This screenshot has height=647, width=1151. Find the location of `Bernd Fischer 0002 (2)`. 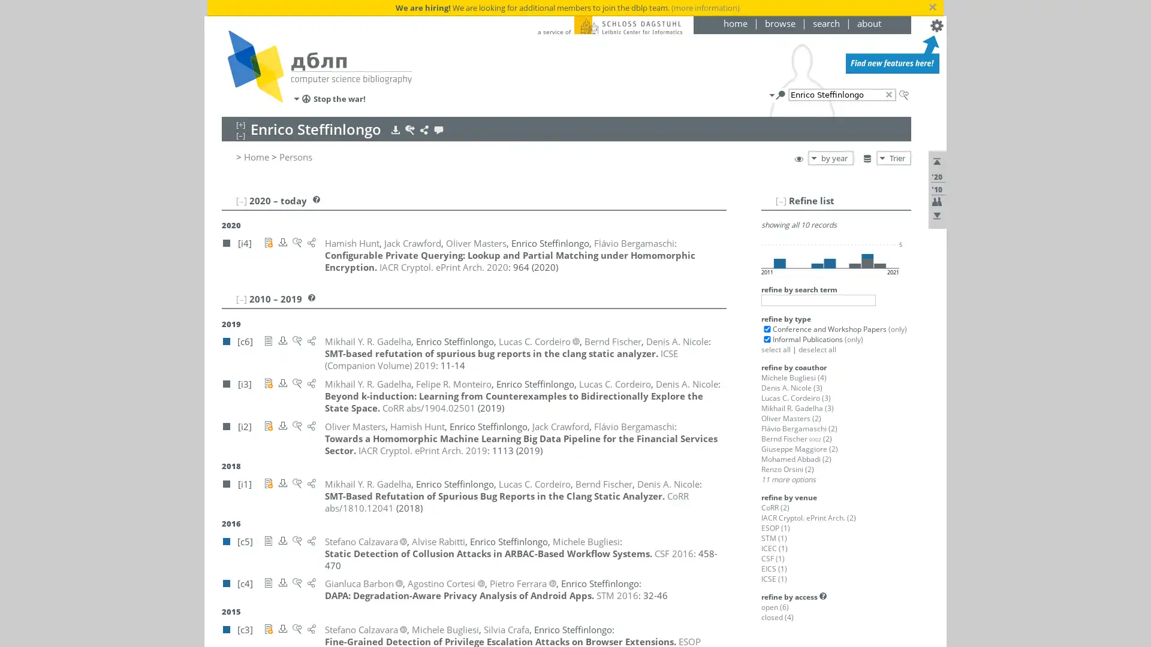

Bernd Fischer 0002 (2) is located at coordinates (797, 439).